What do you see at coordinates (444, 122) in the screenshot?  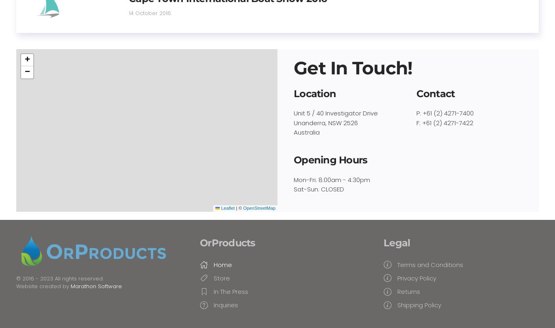 I see `'F: +61 (2) 4271-7422'` at bounding box center [444, 122].